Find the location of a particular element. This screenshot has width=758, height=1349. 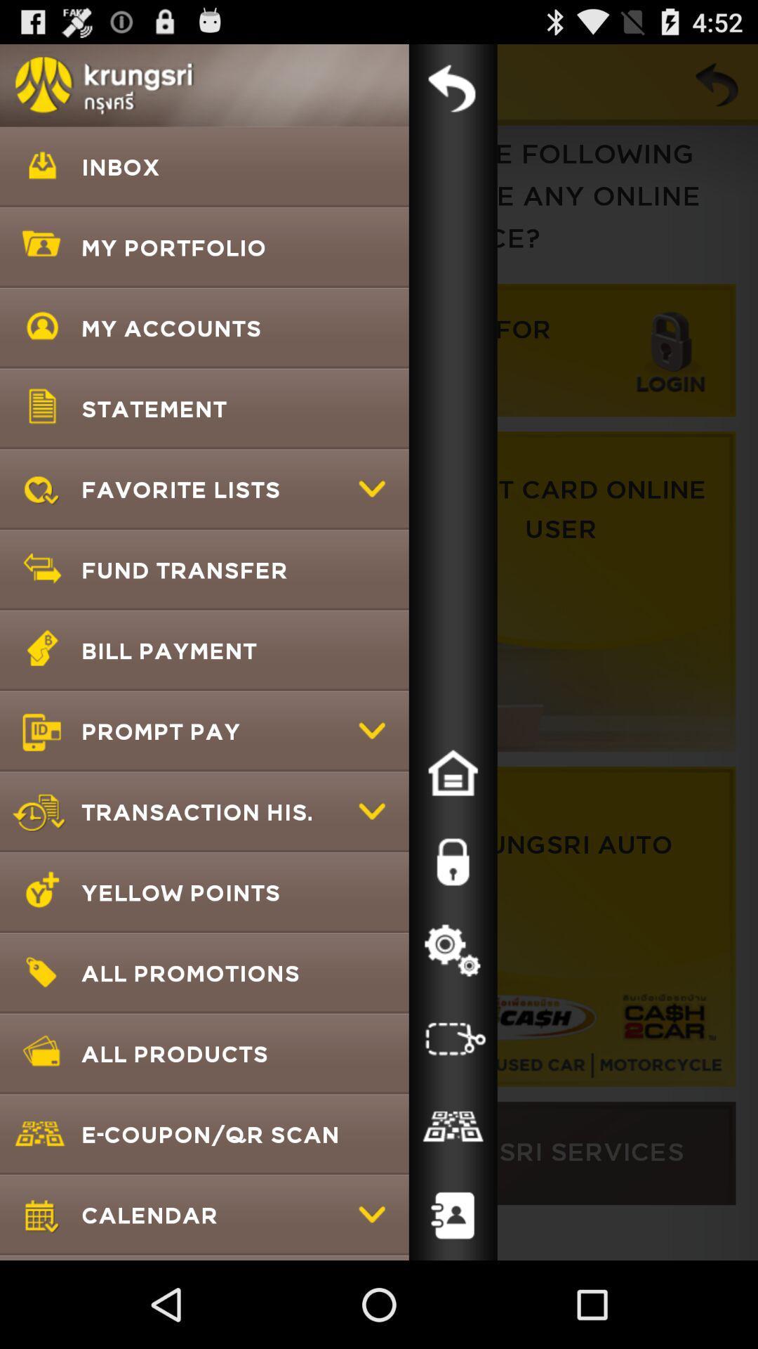

to the e-coupon or qr code option is located at coordinates (453, 1127).